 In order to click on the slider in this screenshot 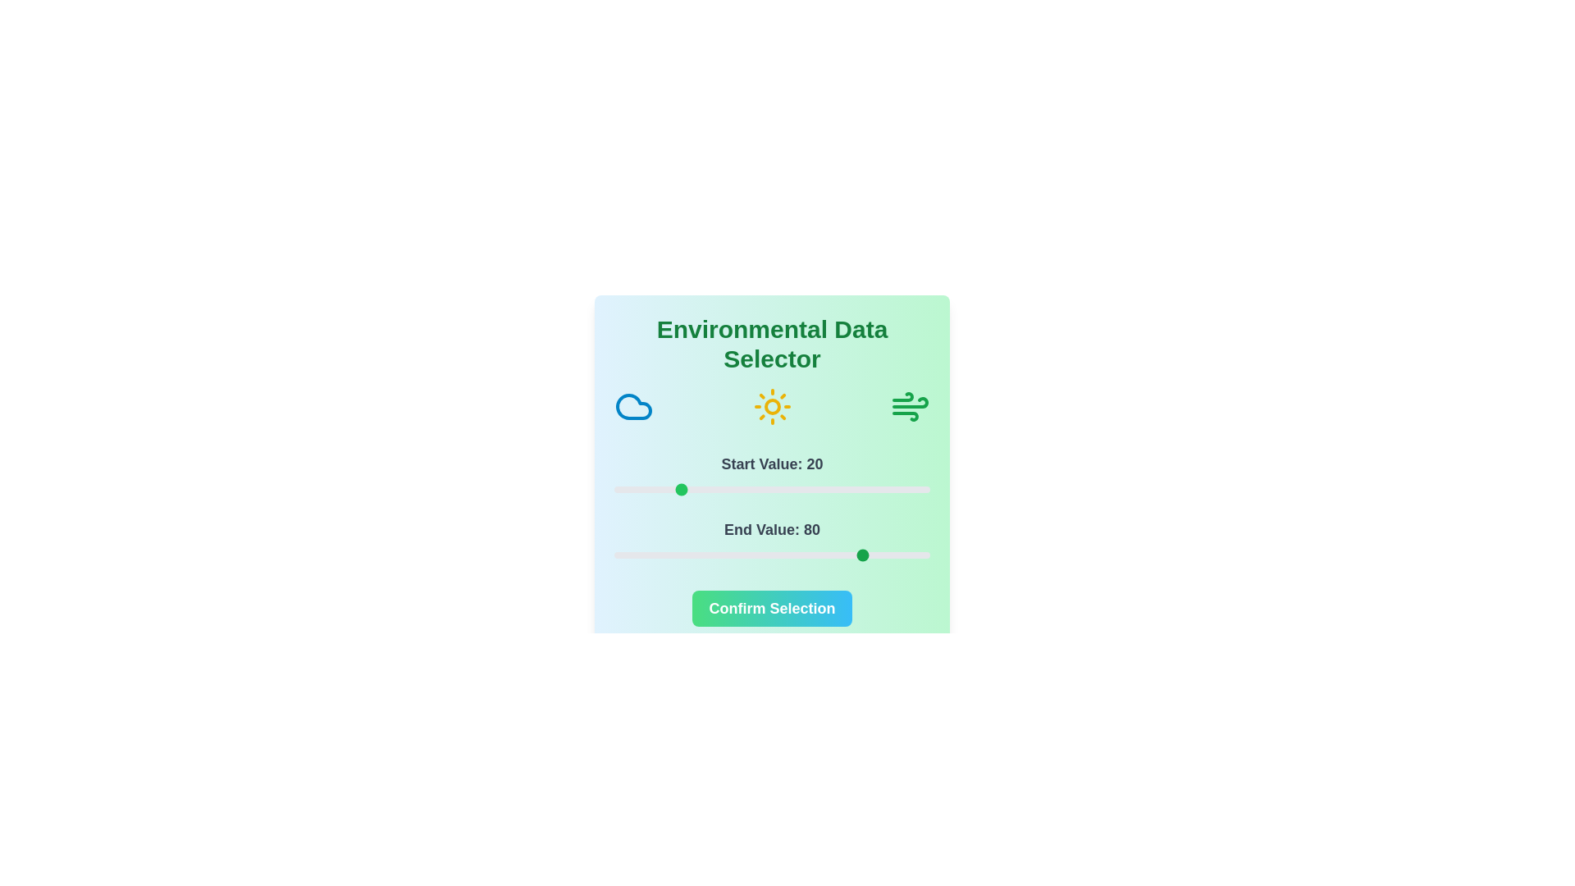, I will do `click(913, 555)`.